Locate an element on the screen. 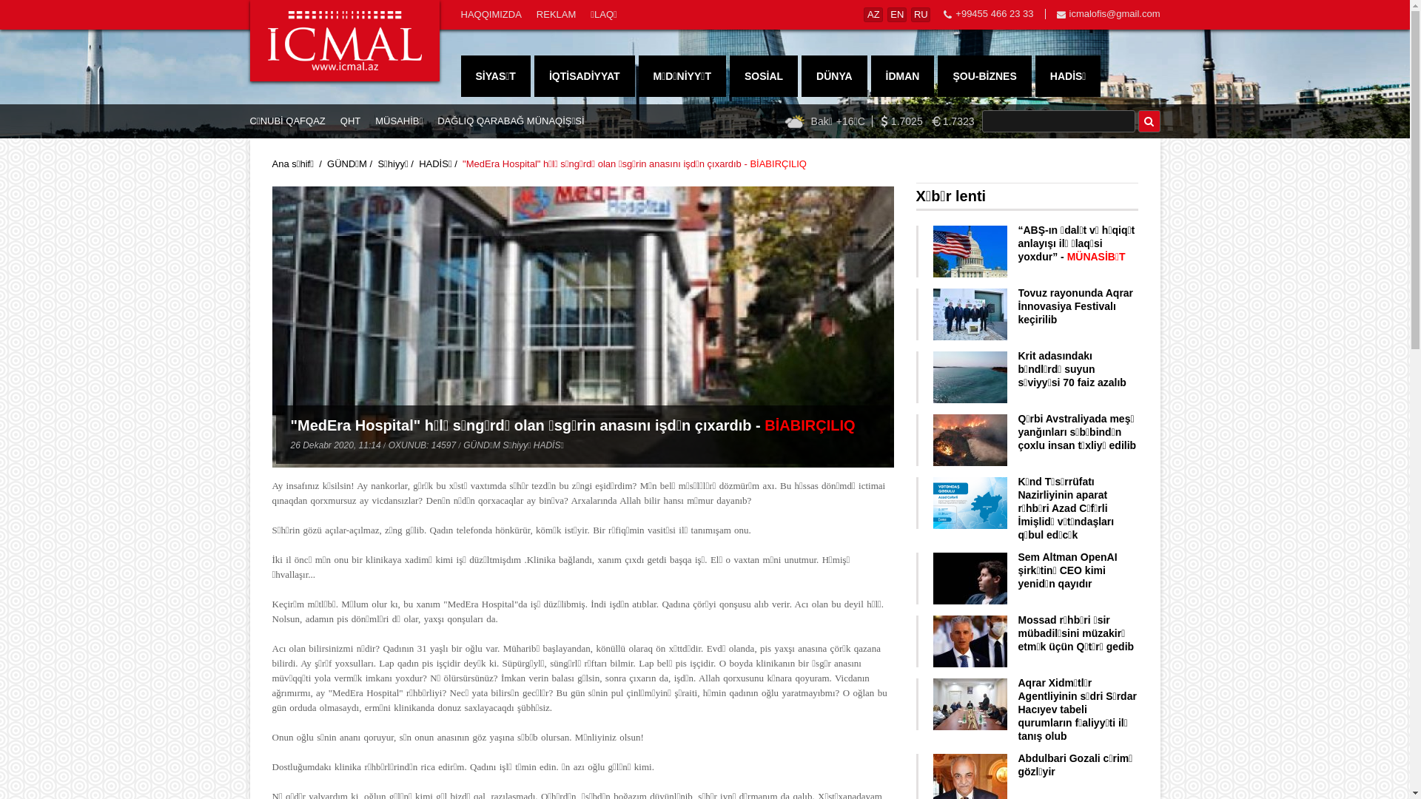  'RU' is located at coordinates (919, 14).